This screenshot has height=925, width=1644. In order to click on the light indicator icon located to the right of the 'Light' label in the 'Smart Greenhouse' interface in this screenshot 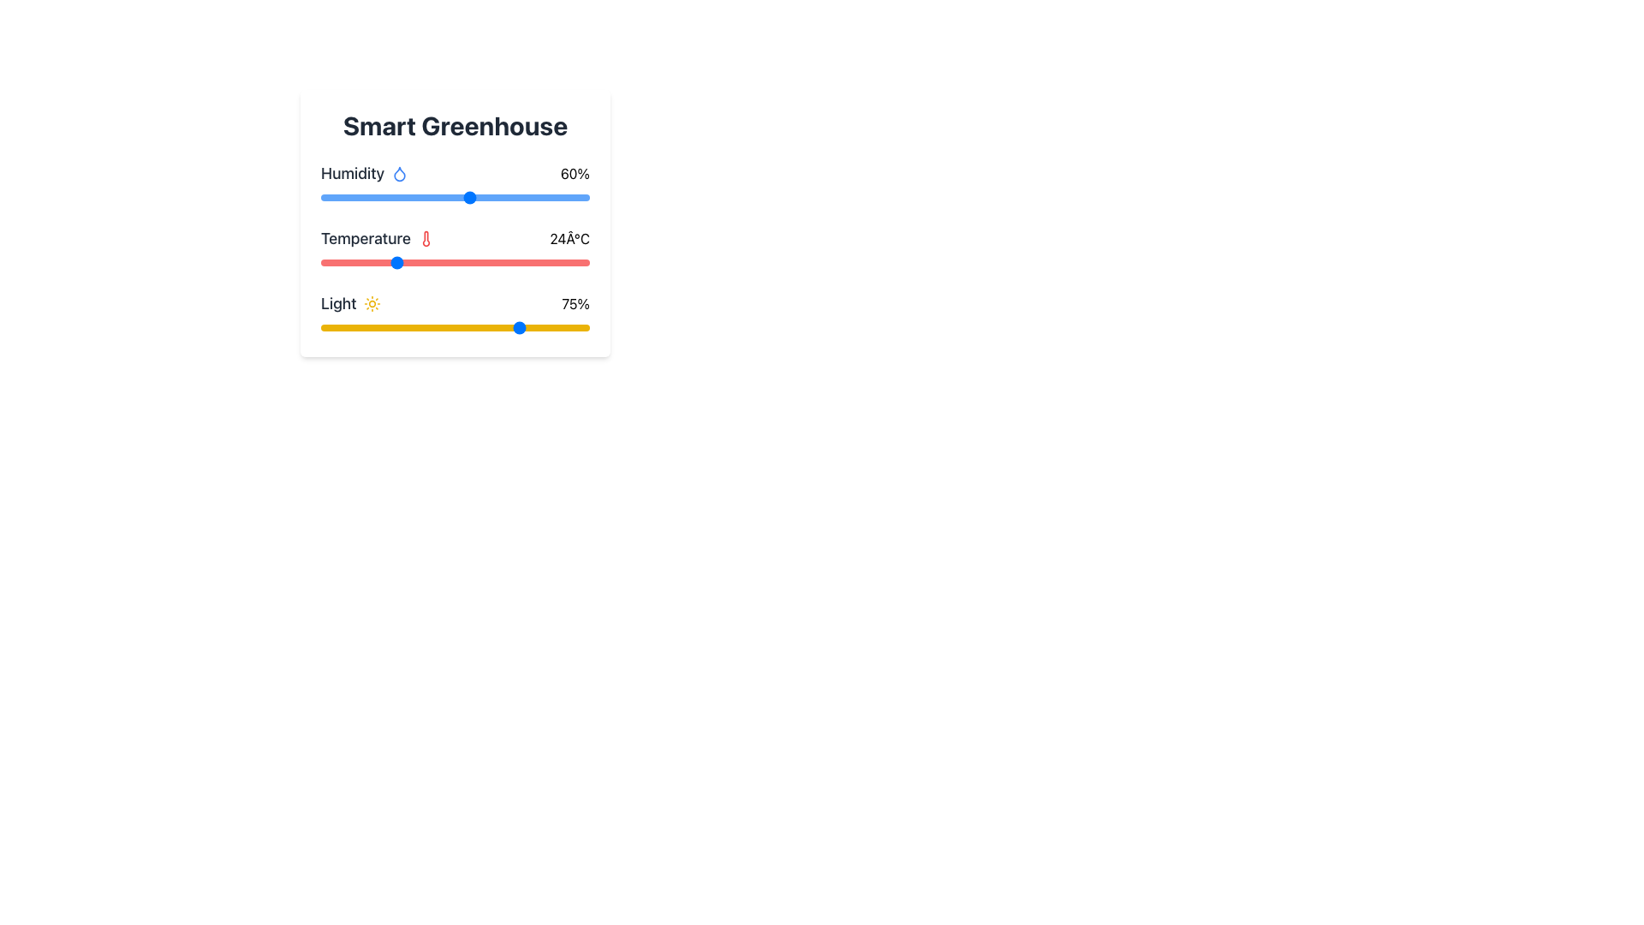, I will do `click(371, 302)`.